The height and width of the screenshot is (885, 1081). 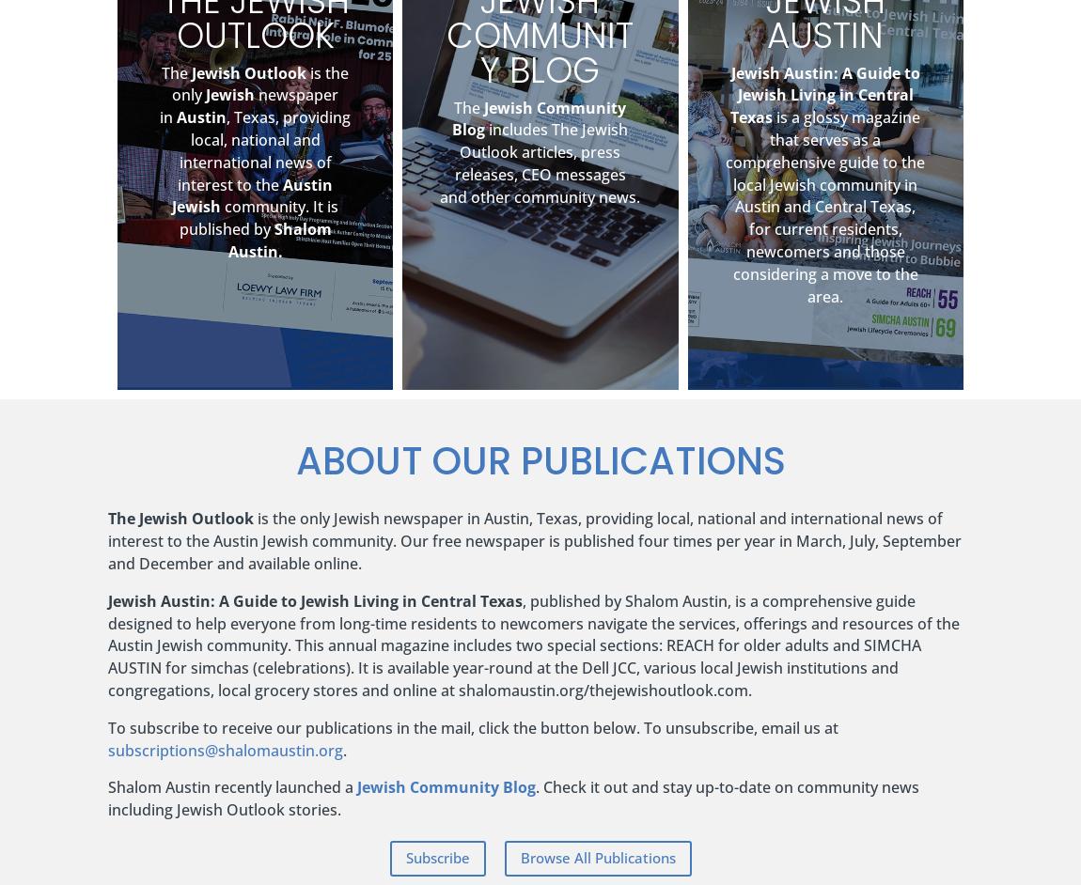 I want to click on 'community', so click(x=796, y=786).